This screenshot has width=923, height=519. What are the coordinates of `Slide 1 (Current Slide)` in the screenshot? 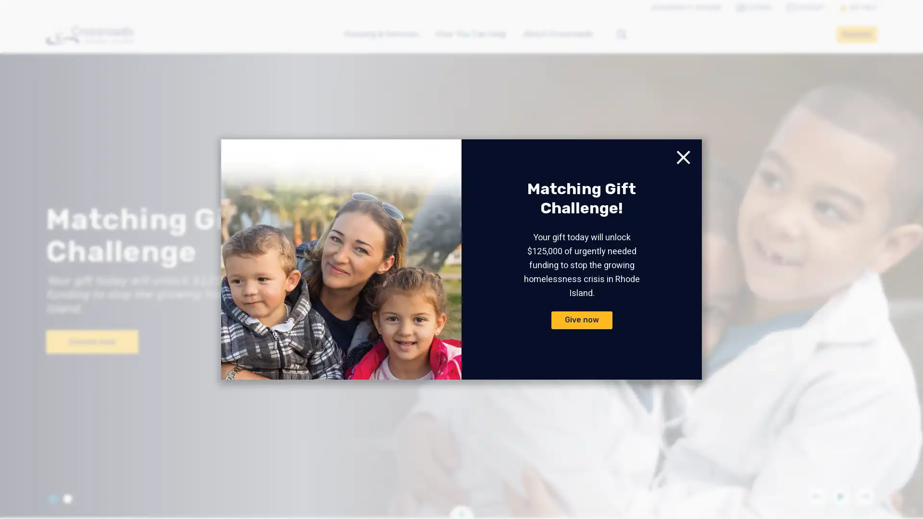 It's located at (52, 498).